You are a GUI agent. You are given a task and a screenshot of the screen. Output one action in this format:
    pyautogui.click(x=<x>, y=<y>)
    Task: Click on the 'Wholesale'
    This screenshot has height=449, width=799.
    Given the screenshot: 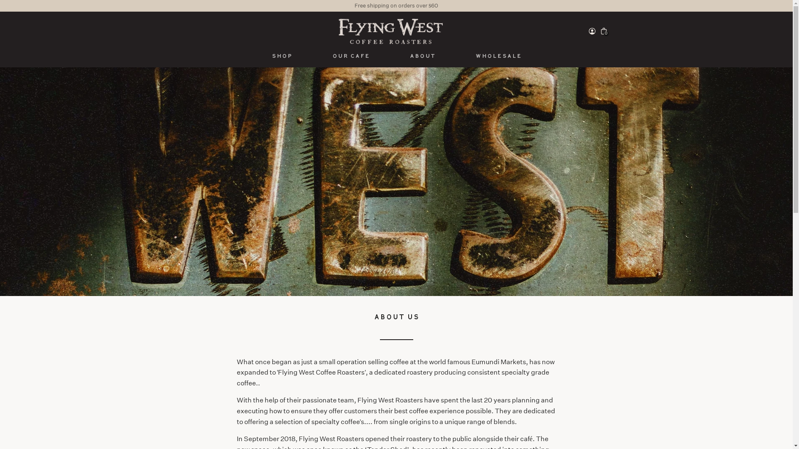 What is the action you would take?
    pyautogui.click(x=498, y=56)
    